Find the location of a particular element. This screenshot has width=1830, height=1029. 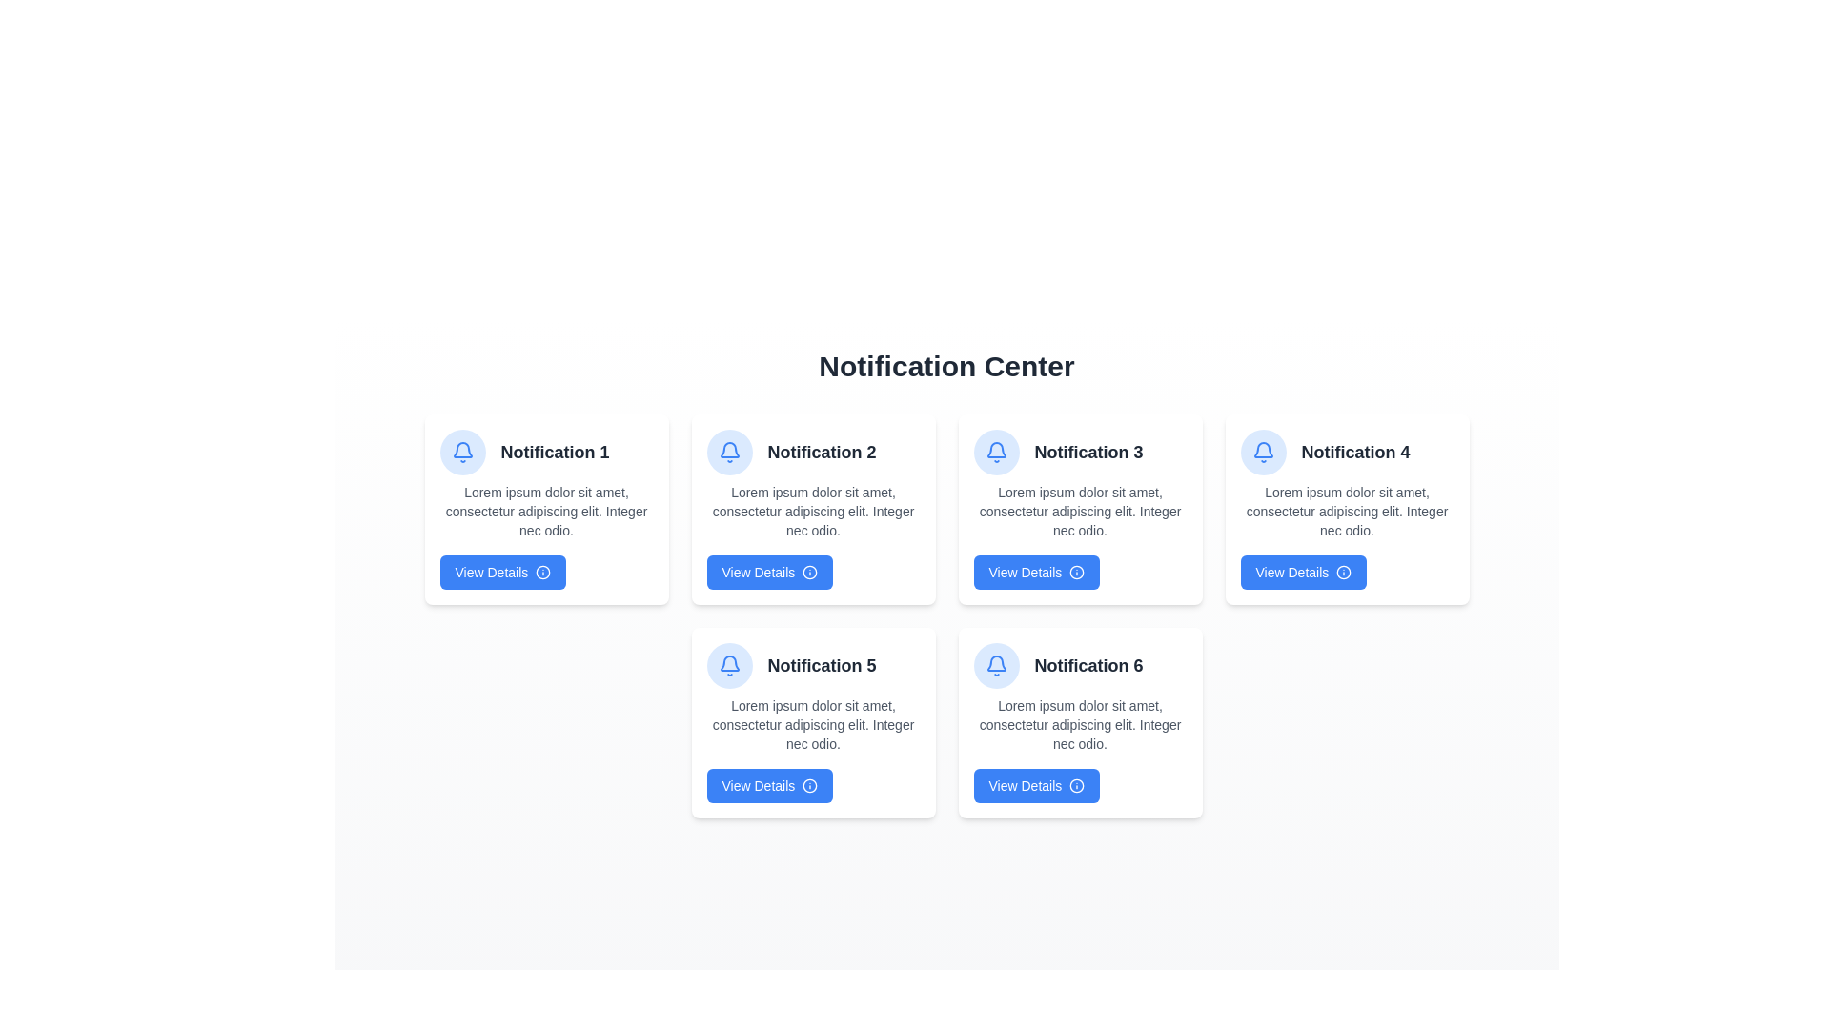

the static text label located within the 'Notification 5' card, which is positioned above the 'View Details' button and below the title 'Notification 5' is located at coordinates (813, 724).